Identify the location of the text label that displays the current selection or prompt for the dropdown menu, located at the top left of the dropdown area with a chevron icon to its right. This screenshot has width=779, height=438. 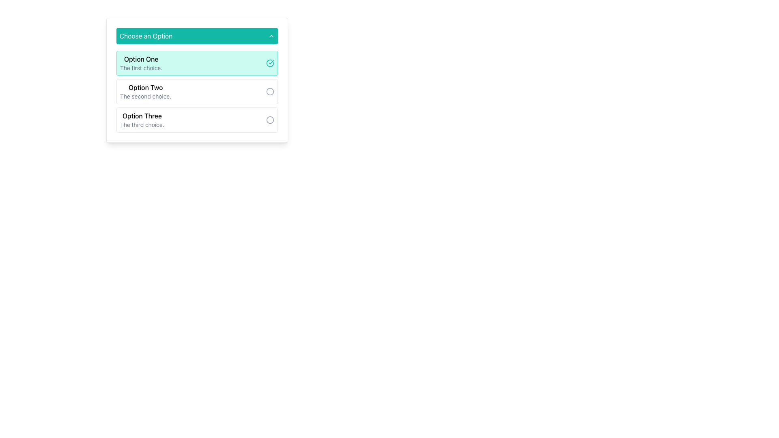
(146, 35).